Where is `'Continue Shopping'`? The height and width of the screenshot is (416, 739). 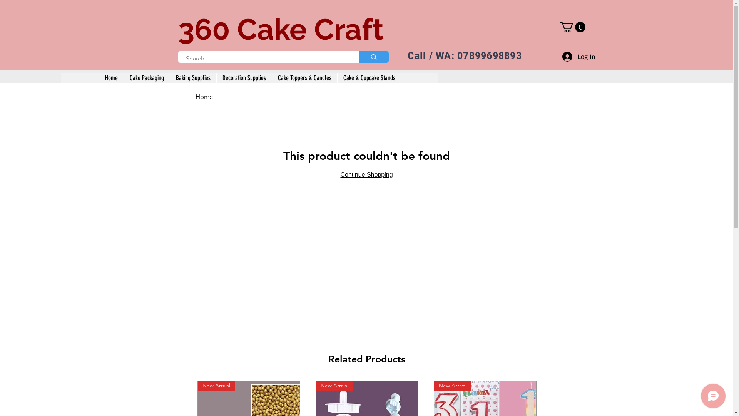
'Continue Shopping' is located at coordinates (339, 174).